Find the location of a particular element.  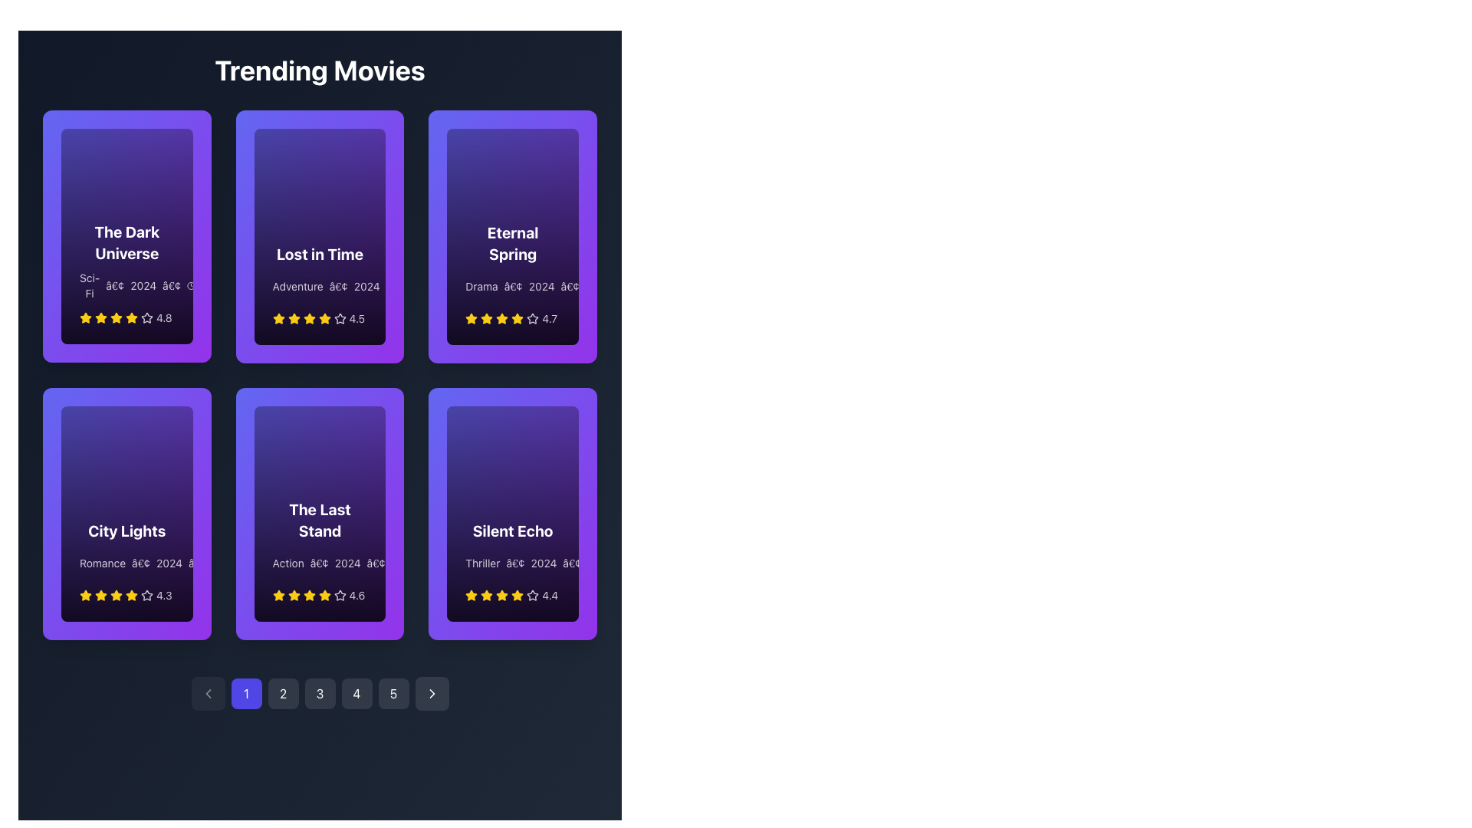

the numerical text label '4.5' in the 'Lost in Time' movie card, which is positioned in the third row and third column of the grid layout, following the yellow star icons is located at coordinates (356, 317).